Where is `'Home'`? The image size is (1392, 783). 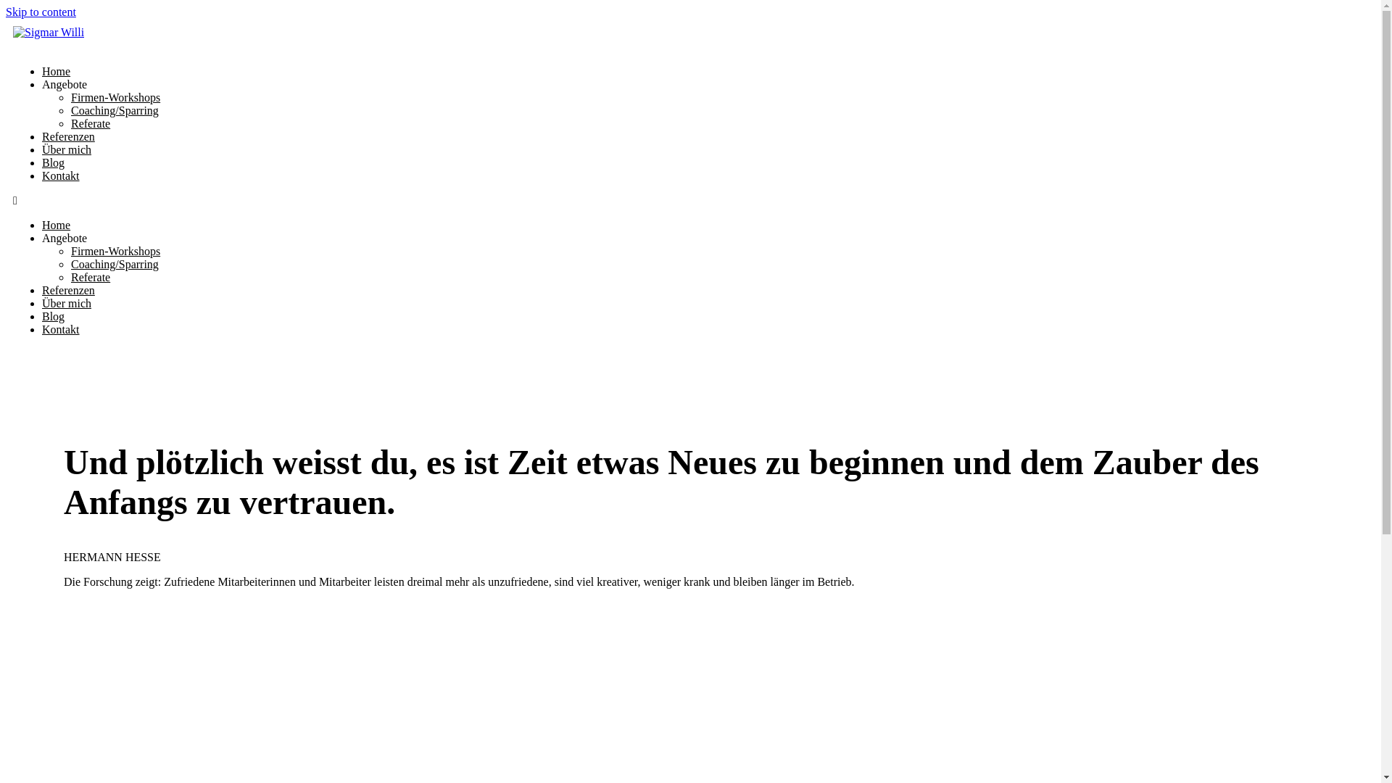 'Home' is located at coordinates (56, 225).